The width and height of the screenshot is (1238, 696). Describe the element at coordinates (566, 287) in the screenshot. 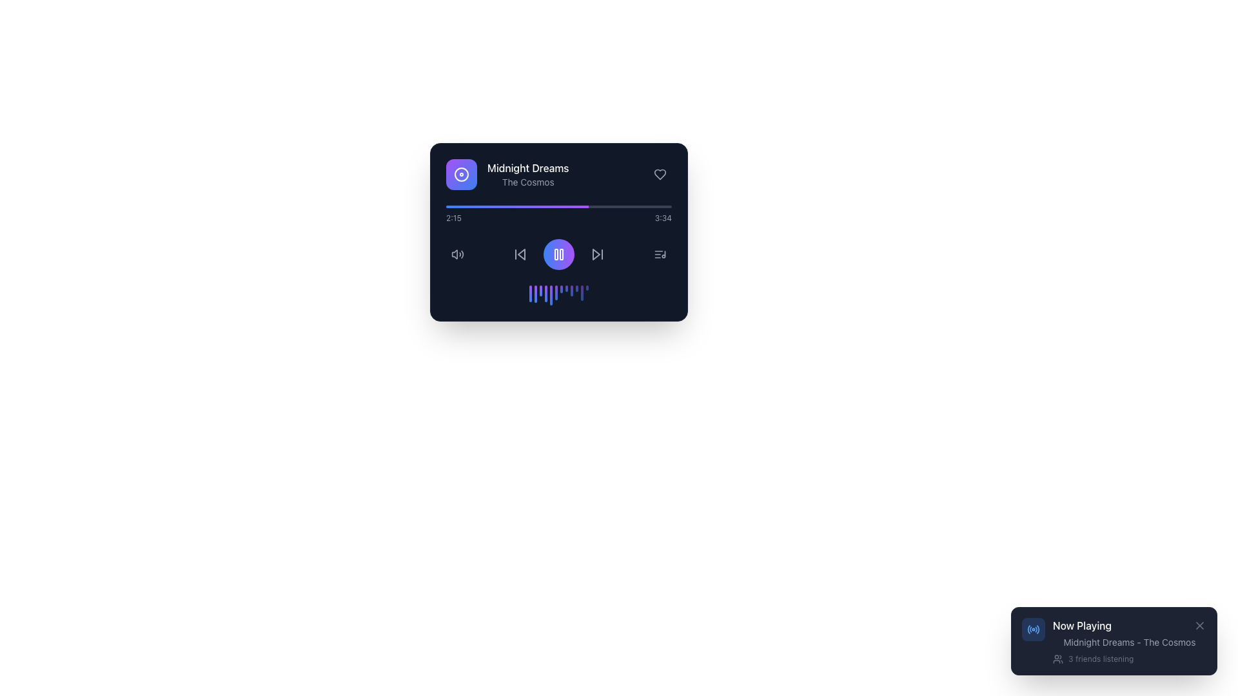

I see `the eighth waveform bar, which has a gradient color transitioning from blue to purple and a pulsing animation, to observe its visual response` at that location.